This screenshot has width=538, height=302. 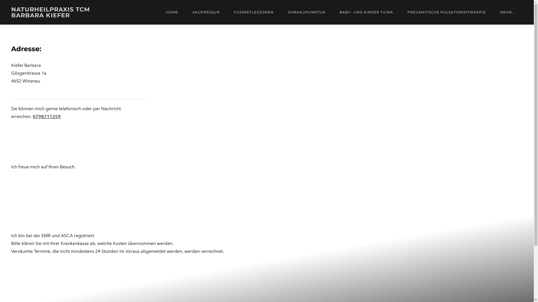 I want to click on 'OHRAKUPUNKTUR', so click(x=306, y=12).